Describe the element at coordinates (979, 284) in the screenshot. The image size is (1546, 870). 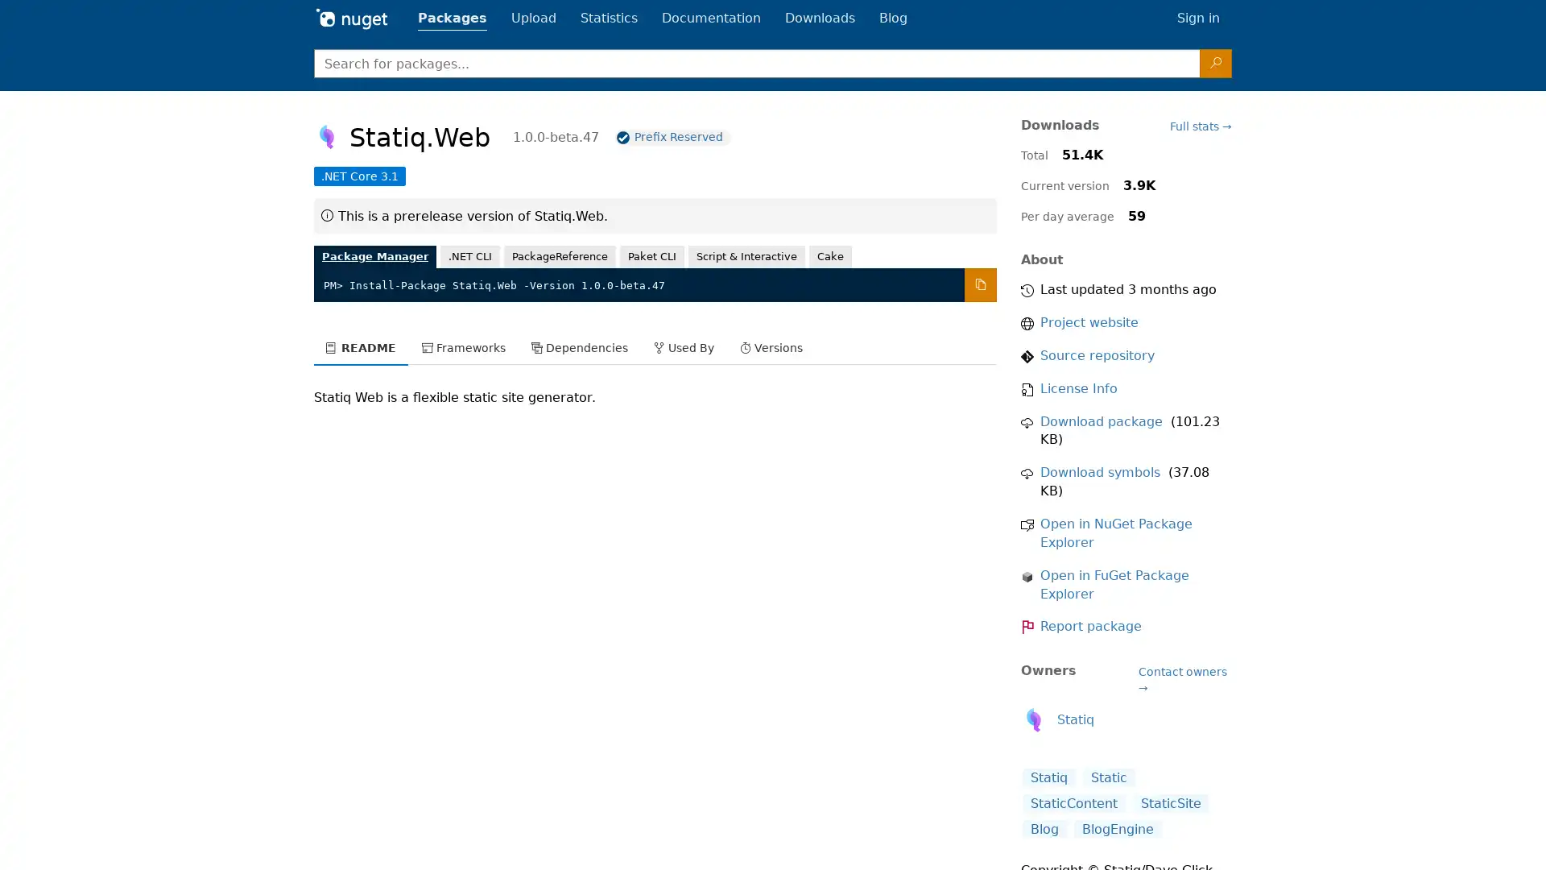
I see `Copy the Package Manager command` at that location.